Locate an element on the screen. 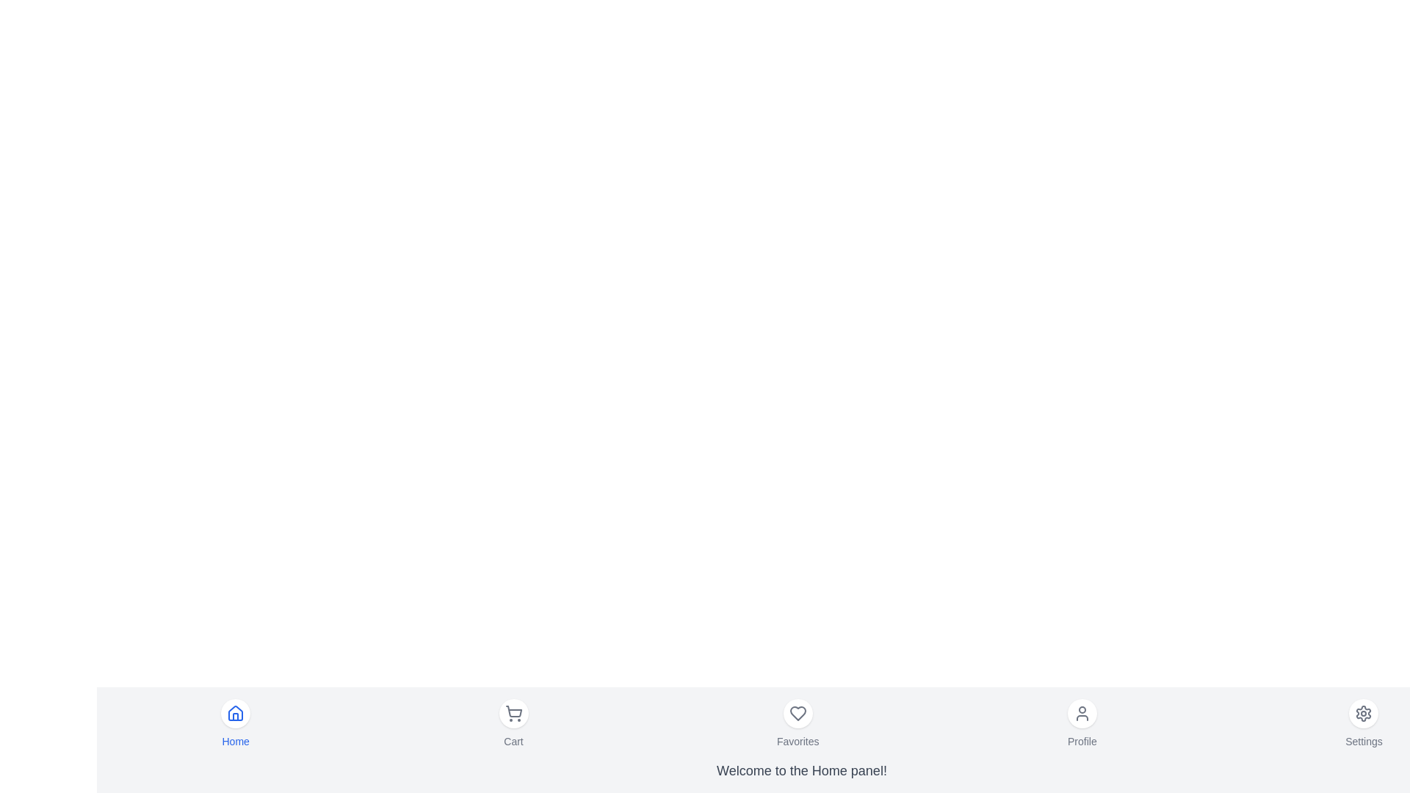 Image resolution: width=1410 pixels, height=793 pixels. the Profile menu item to navigate to its respective section is located at coordinates (1082, 723).